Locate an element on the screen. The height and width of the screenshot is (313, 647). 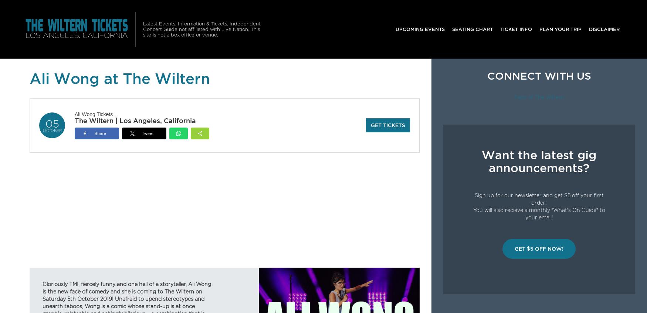
'Share' is located at coordinates (100, 133).